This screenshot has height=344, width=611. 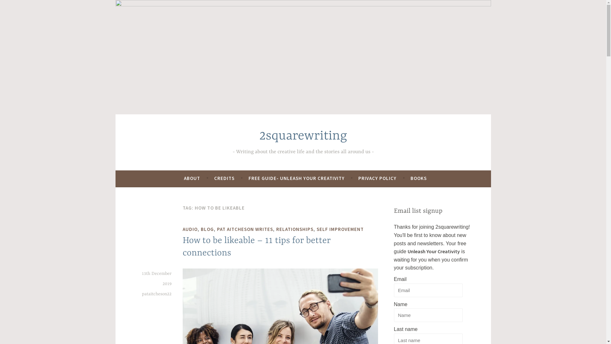 What do you see at coordinates (142, 278) in the screenshot?
I see `'13th December 2019'` at bounding box center [142, 278].